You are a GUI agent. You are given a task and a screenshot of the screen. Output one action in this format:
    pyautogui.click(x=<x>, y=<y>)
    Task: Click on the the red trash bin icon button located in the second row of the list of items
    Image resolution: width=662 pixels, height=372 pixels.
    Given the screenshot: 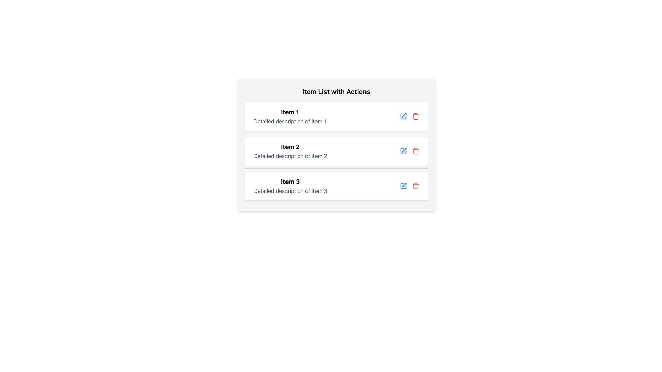 What is the action you would take?
    pyautogui.click(x=415, y=151)
    